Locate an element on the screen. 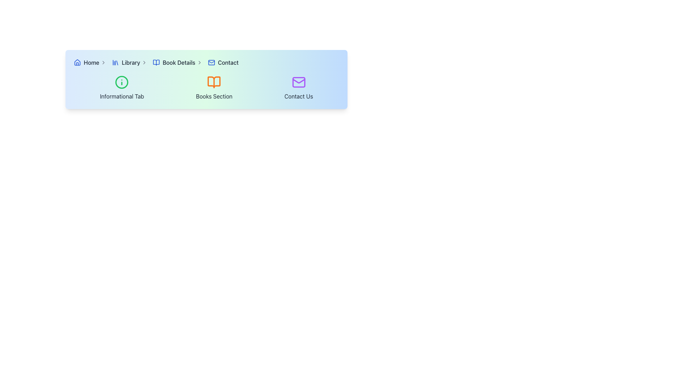  the right-pointing chevron icon in the breadcrumb navigation, located between 'Library' and 'Book Details' is located at coordinates (144, 62).